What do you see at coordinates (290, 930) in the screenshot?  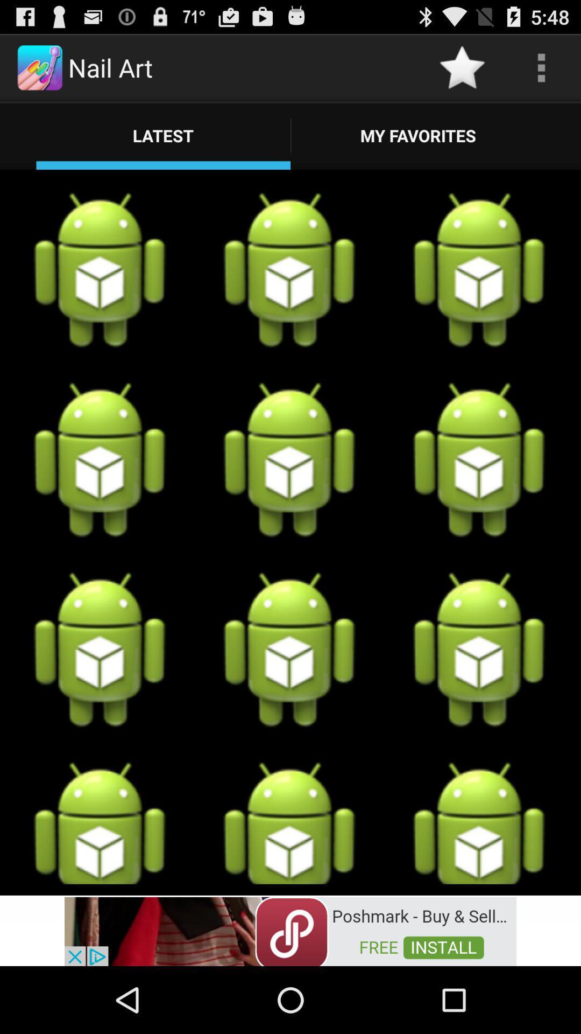 I see `advertising` at bounding box center [290, 930].